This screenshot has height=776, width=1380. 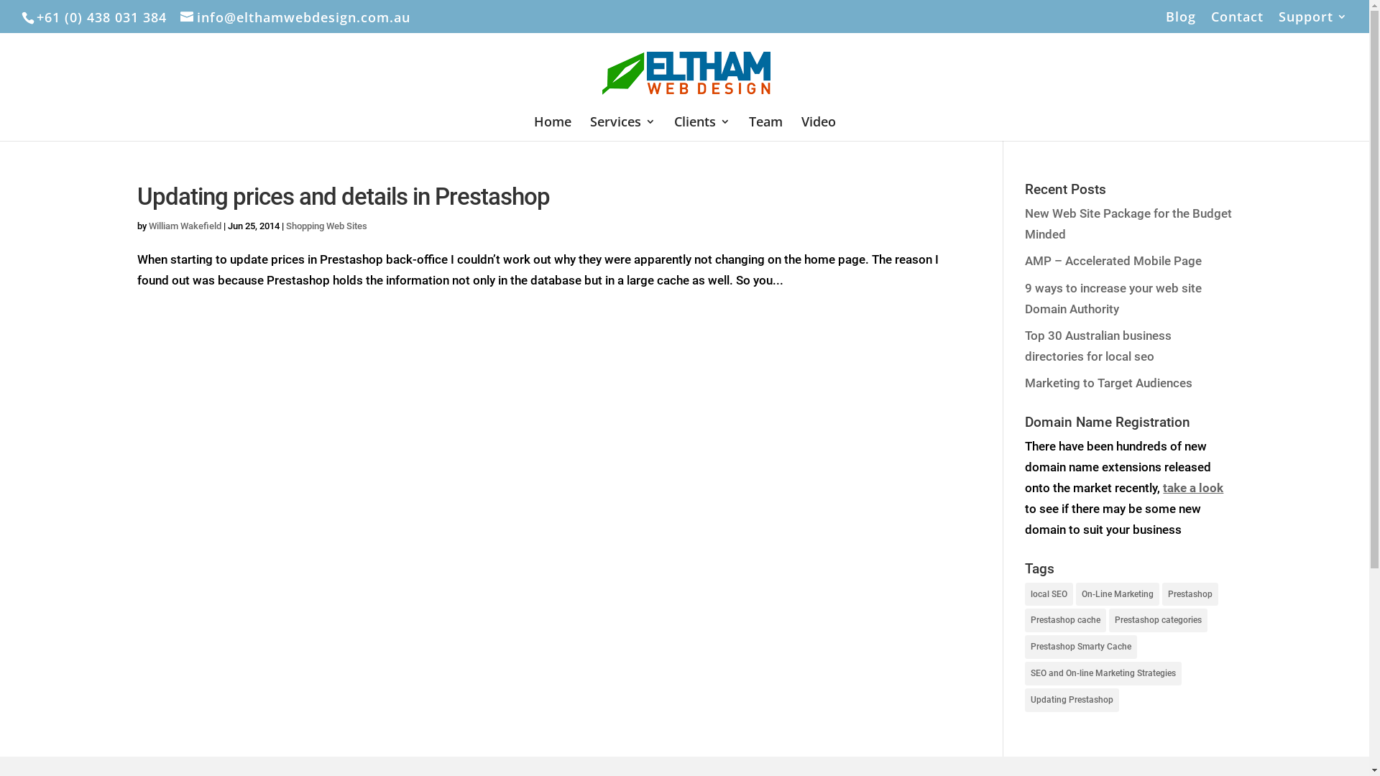 I want to click on 'On-Line Marketing', so click(x=1117, y=594).